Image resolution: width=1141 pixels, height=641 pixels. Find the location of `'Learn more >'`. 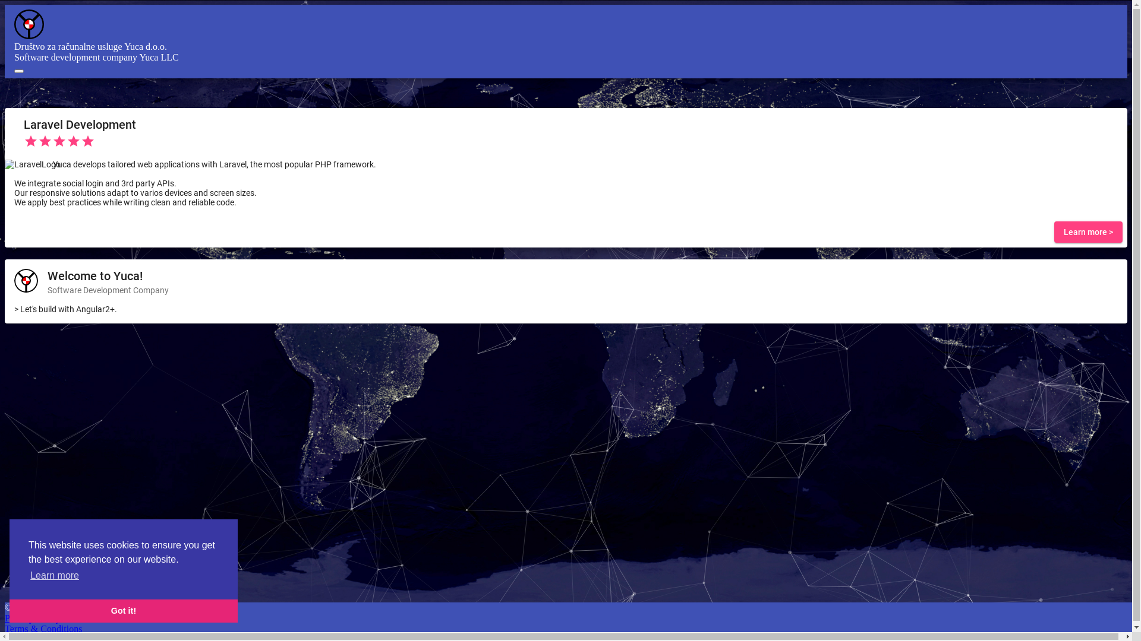

'Learn more >' is located at coordinates (1088, 231).